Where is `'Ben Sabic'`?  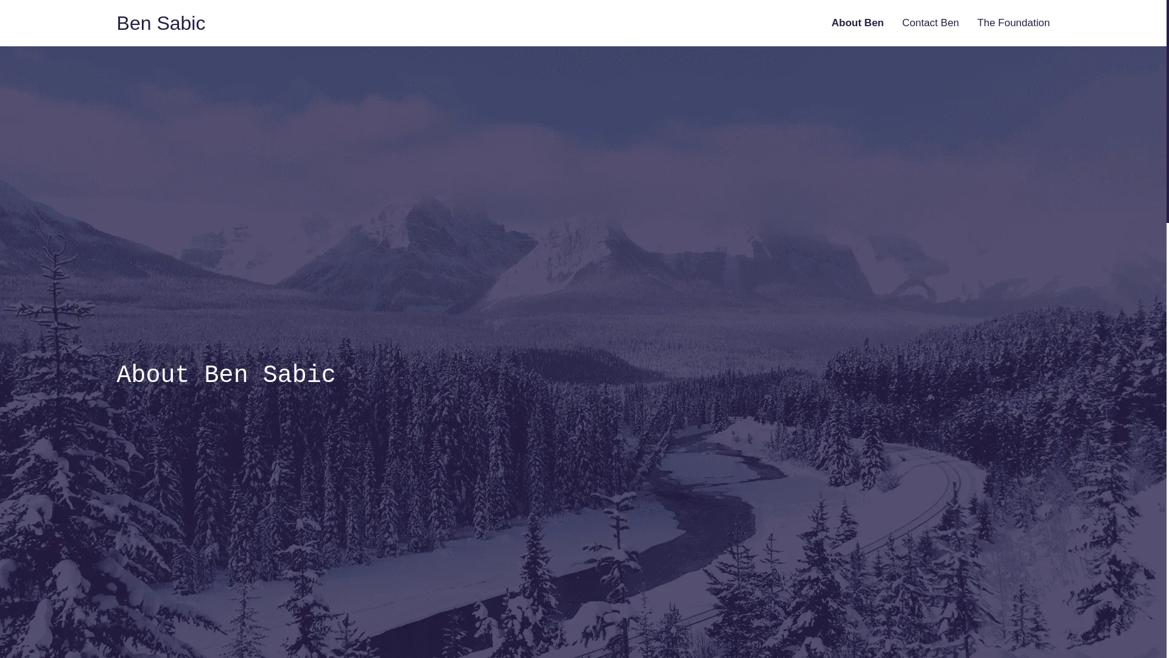
'Ben Sabic' is located at coordinates (160, 23).